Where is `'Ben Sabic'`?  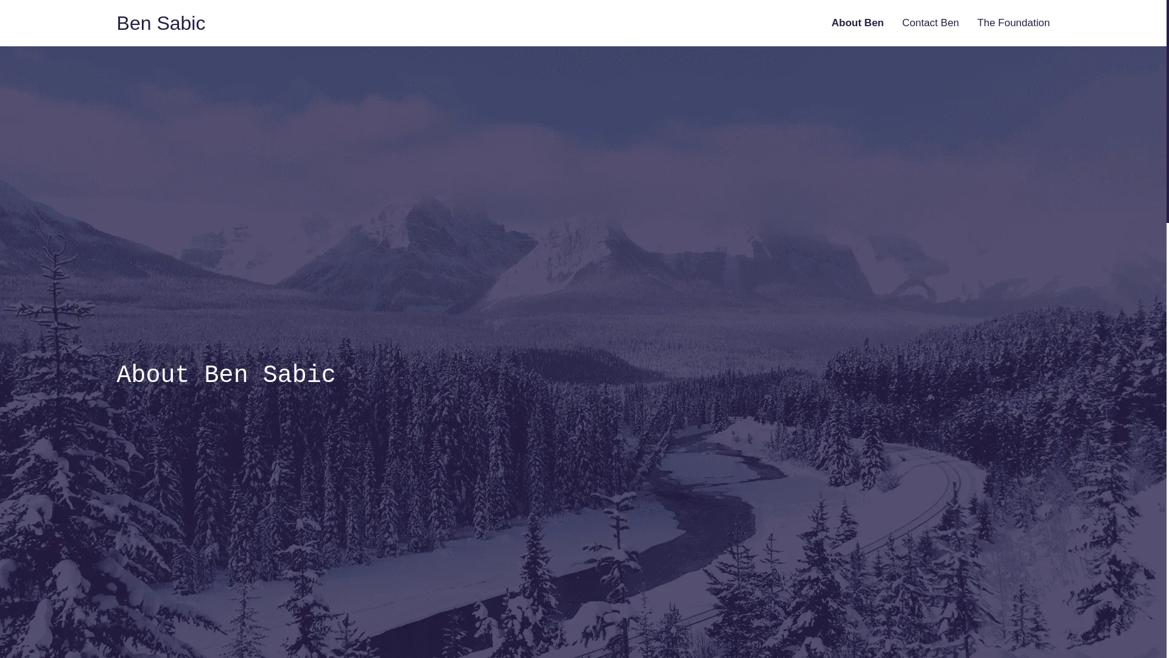
'Ben Sabic' is located at coordinates (160, 23).